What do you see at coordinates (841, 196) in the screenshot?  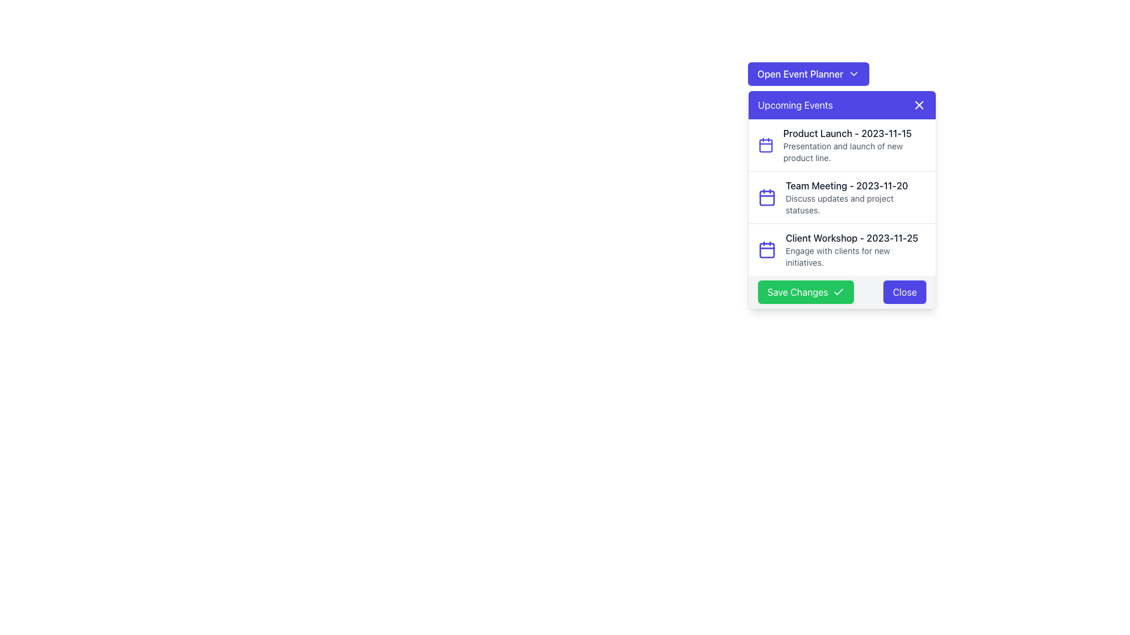 I see `to select the second event in the Upcoming Events list, located directly under 'Product Launch - 2023-11-15'` at bounding box center [841, 196].